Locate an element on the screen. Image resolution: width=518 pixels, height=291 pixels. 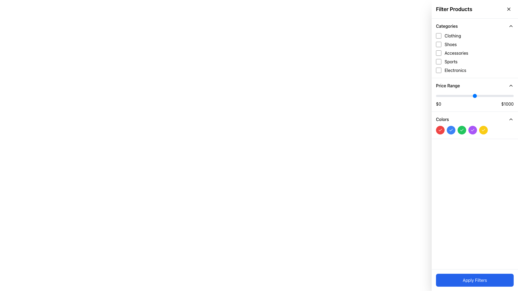
the chevron-up icon used for upward action or collapse function, located to the right of the 'Price Range' label in the filter options section is located at coordinates (511, 85).